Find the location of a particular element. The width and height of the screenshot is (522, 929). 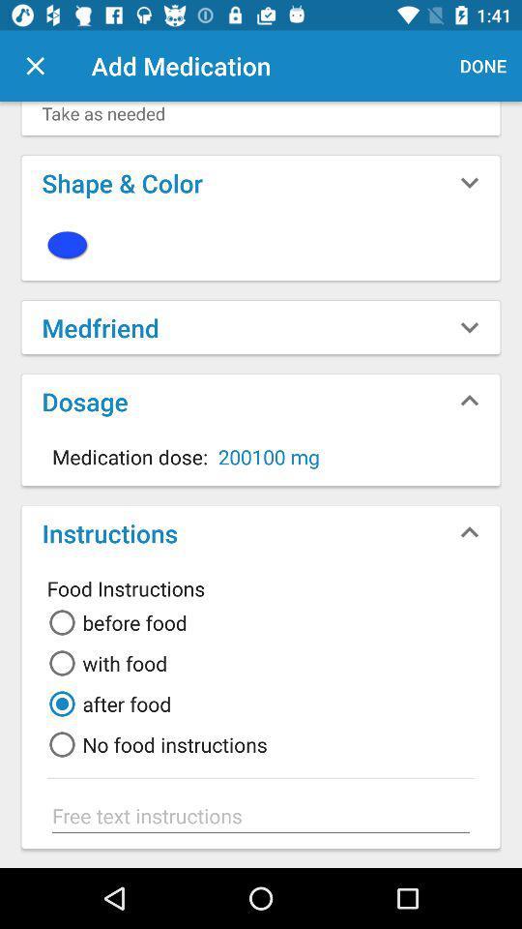

the first radio button along with the text beside to it is located at coordinates (115, 621).